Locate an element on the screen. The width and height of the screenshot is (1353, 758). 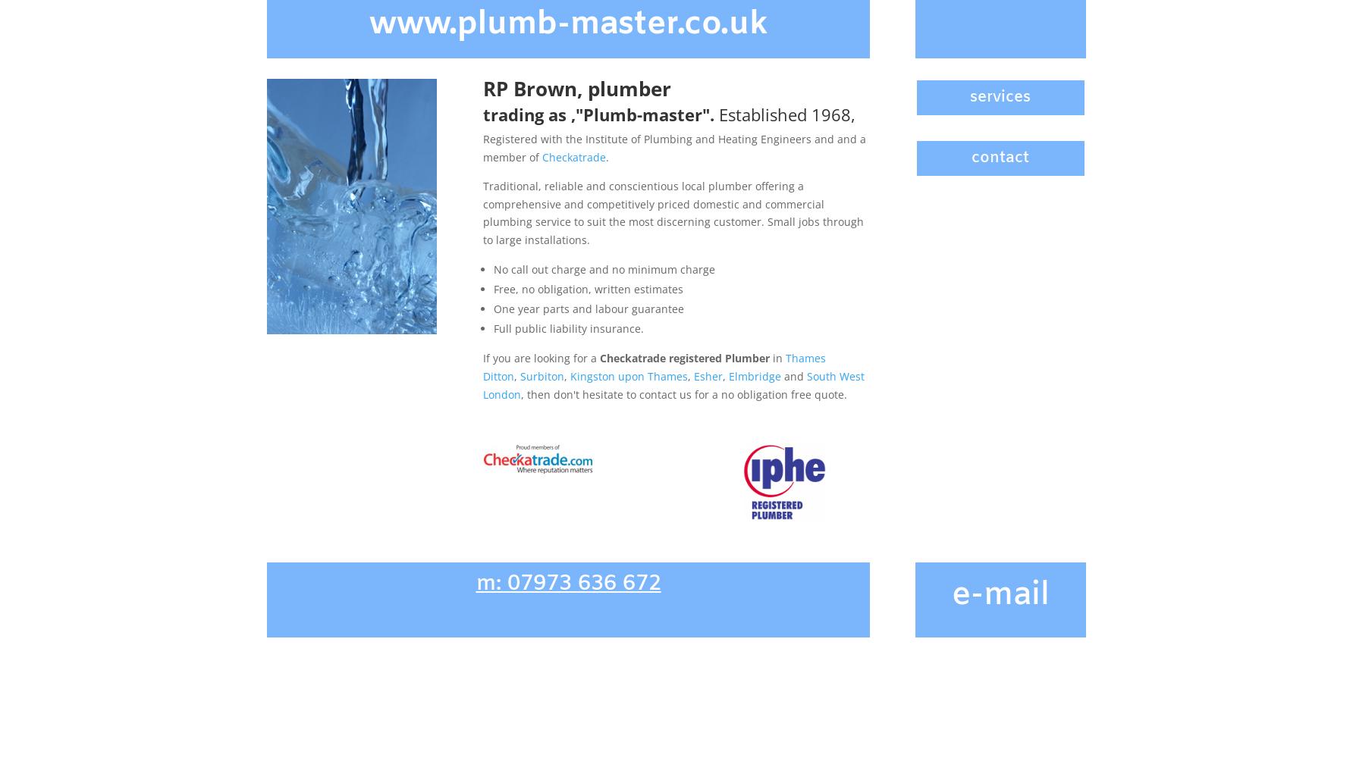
'Esher' is located at coordinates (708, 374).